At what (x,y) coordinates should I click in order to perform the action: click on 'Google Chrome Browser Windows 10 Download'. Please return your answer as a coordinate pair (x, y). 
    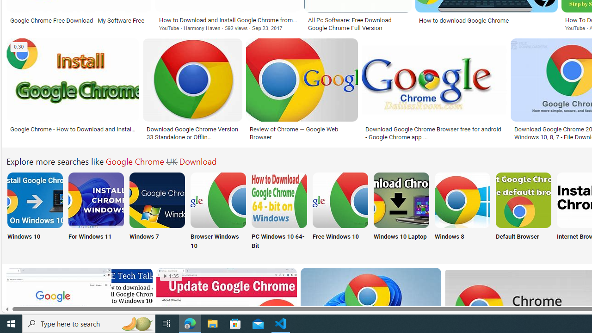
    Looking at the image, I should click on (218, 199).